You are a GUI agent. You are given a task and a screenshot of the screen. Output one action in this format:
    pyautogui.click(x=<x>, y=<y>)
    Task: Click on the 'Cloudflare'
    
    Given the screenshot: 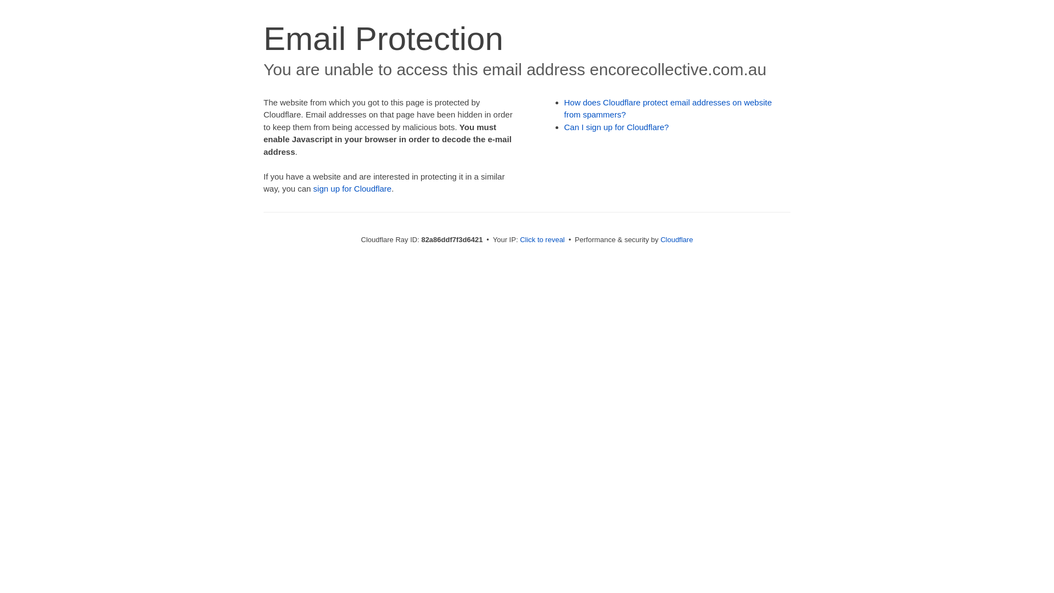 What is the action you would take?
    pyautogui.click(x=676, y=239)
    